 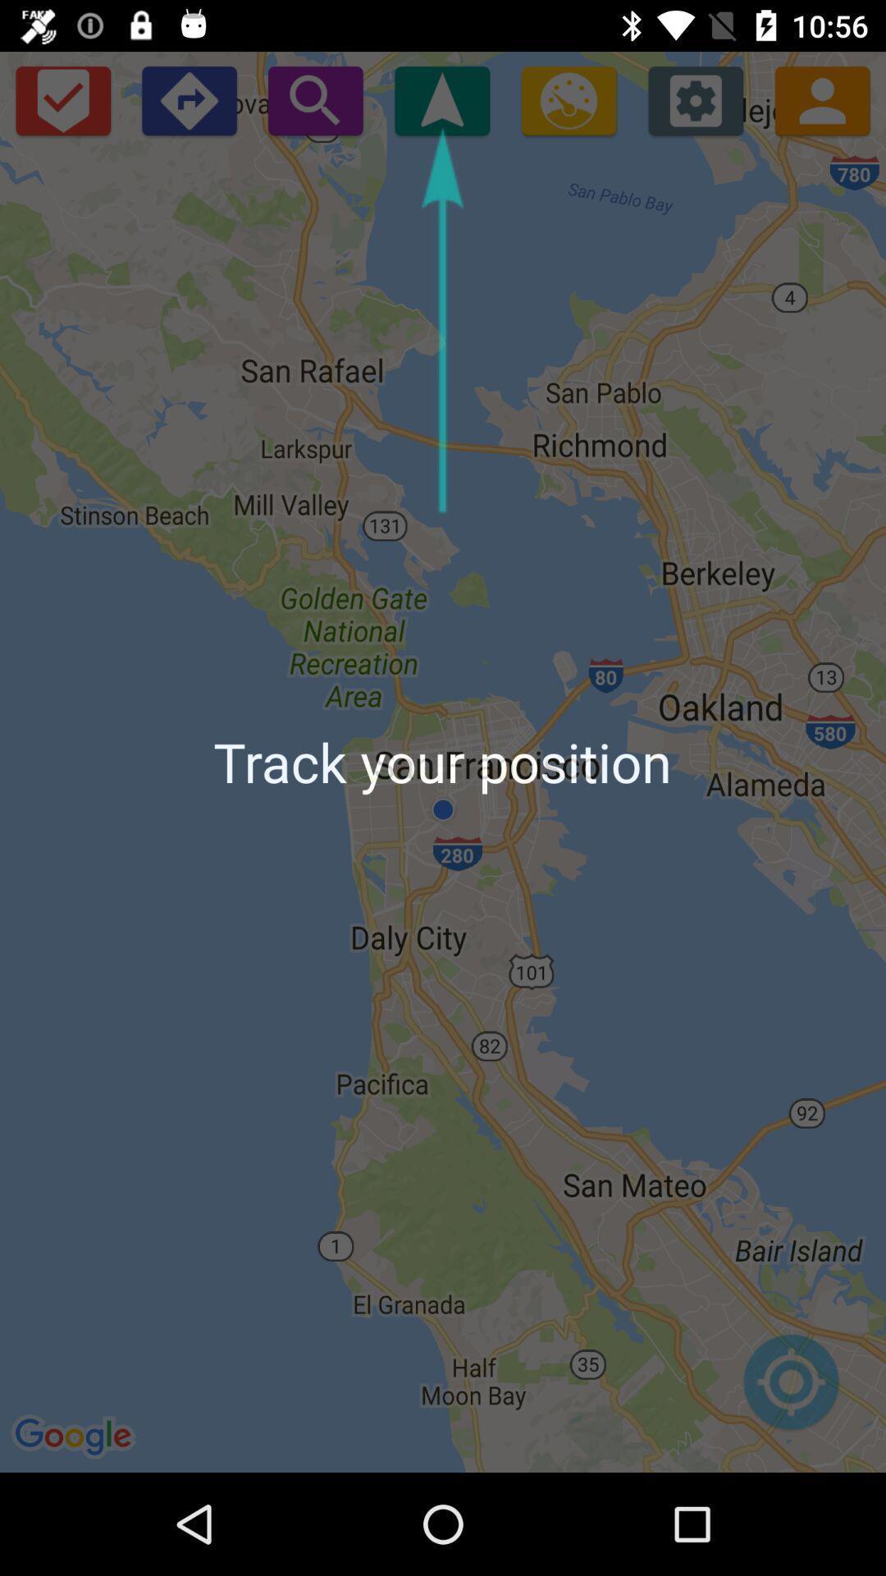 What do you see at coordinates (188, 99) in the screenshot?
I see `look up directions` at bounding box center [188, 99].